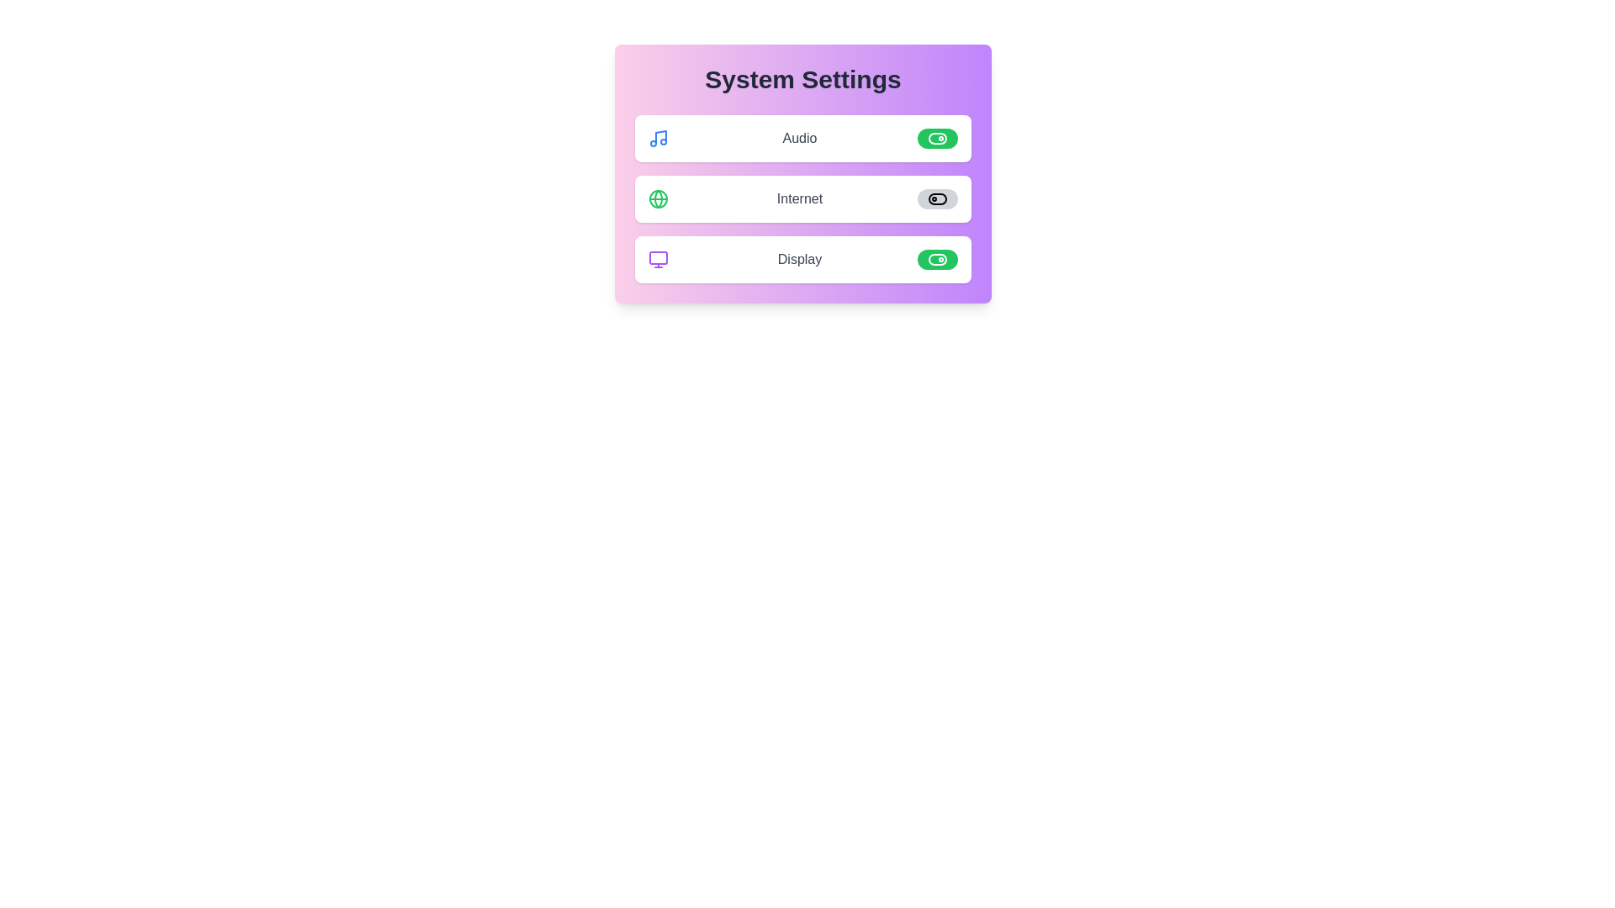  Describe the element at coordinates (657, 198) in the screenshot. I see `the Internet icon located on the left side of the 'Internet' label in the System Settings interface` at that location.